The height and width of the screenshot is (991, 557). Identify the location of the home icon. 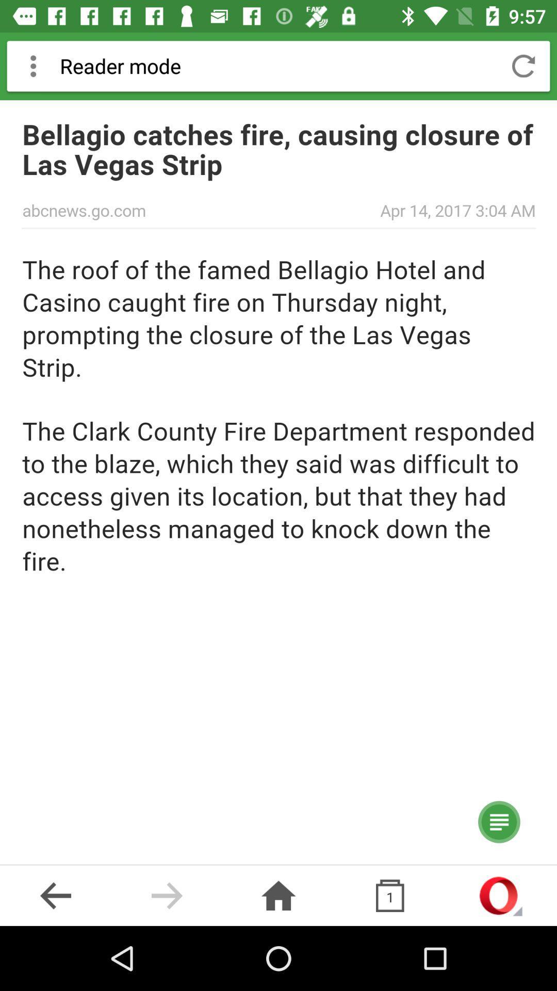
(278, 895).